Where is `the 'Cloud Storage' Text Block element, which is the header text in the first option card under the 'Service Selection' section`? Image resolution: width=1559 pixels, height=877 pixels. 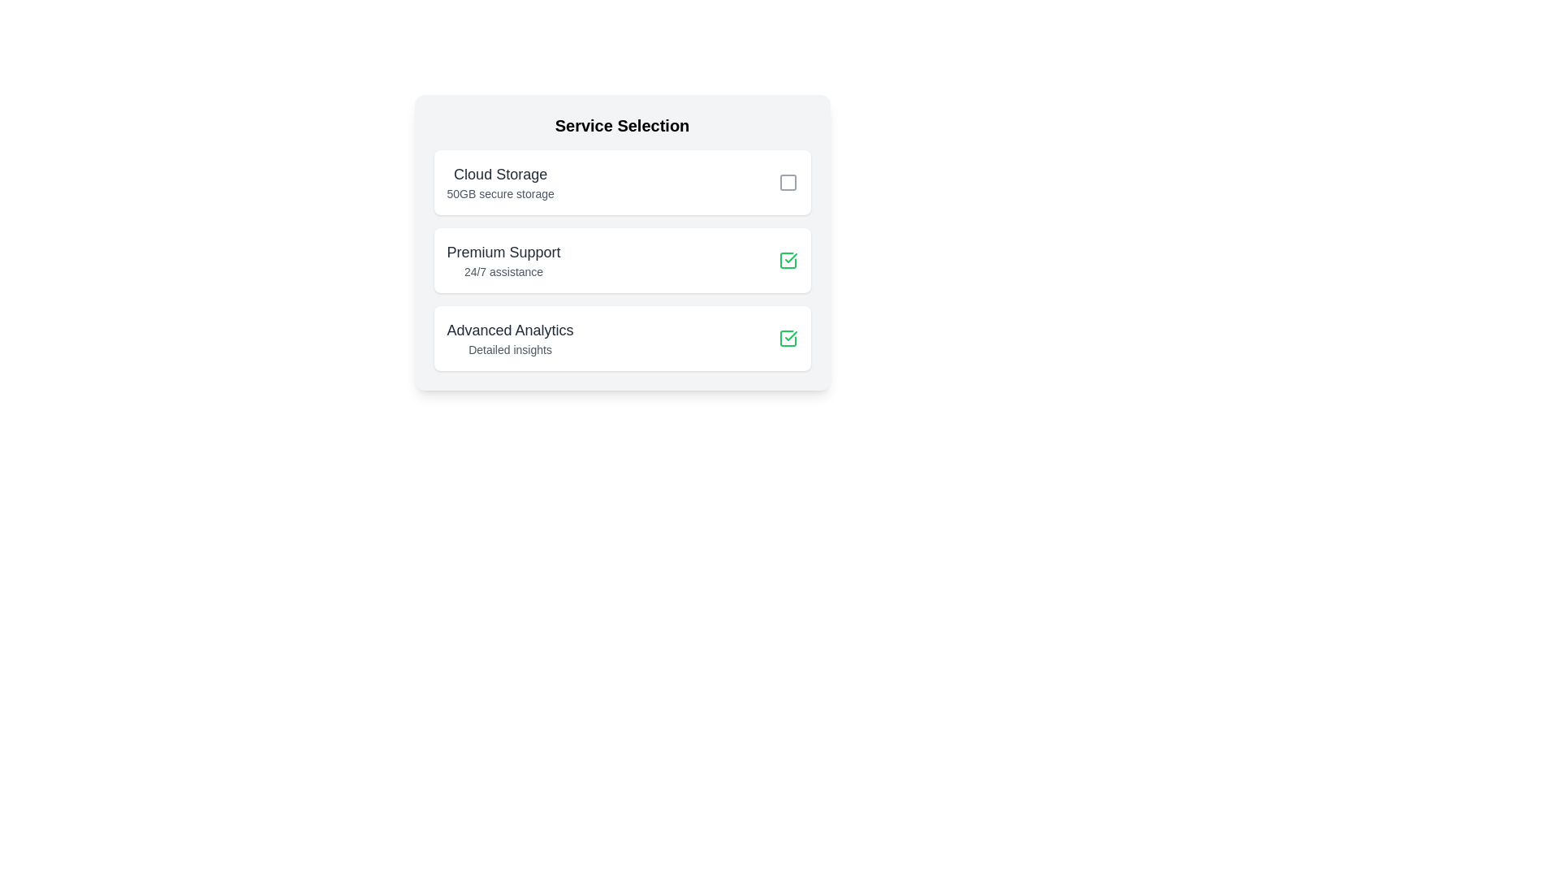
the 'Cloud Storage' Text Block element, which is the header text in the first option card under the 'Service Selection' section is located at coordinates (499, 182).